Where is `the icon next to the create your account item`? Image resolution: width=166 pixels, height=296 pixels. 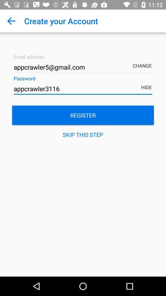
the icon next to the create your account item is located at coordinates (11, 21).